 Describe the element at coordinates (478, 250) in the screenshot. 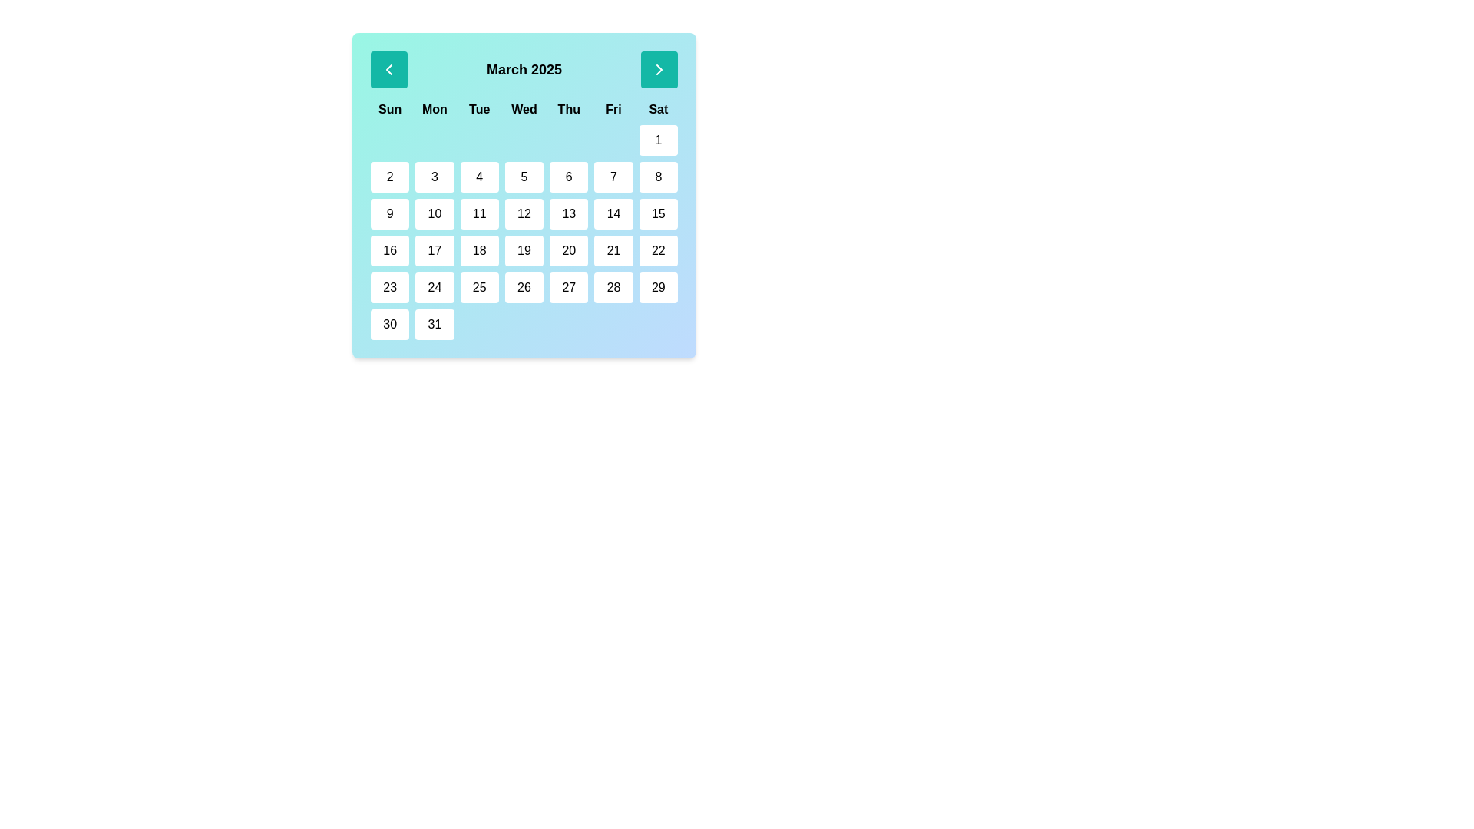

I see `the date button located in the fourth row, third column of the calendar grid` at that location.